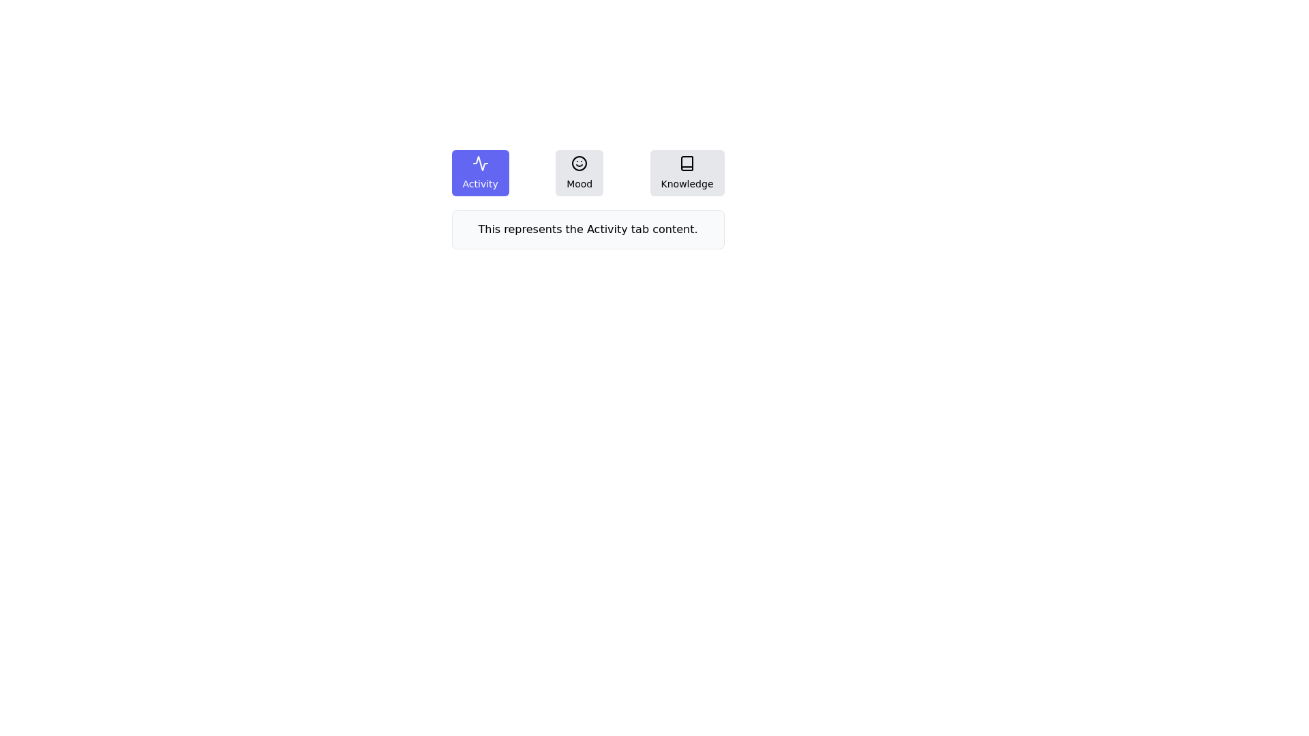  I want to click on the button with a light gray background and a black smiley face icon labeled 'Mood', so click(579, 172).